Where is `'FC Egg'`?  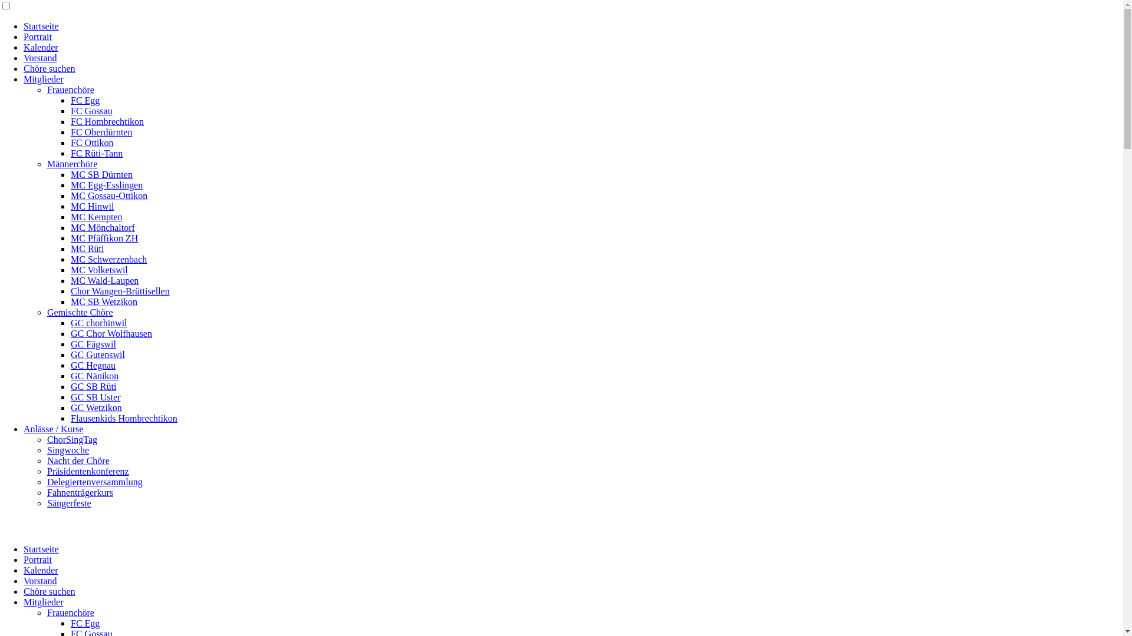
'FC Egg' is located at coordinates (84, 100).